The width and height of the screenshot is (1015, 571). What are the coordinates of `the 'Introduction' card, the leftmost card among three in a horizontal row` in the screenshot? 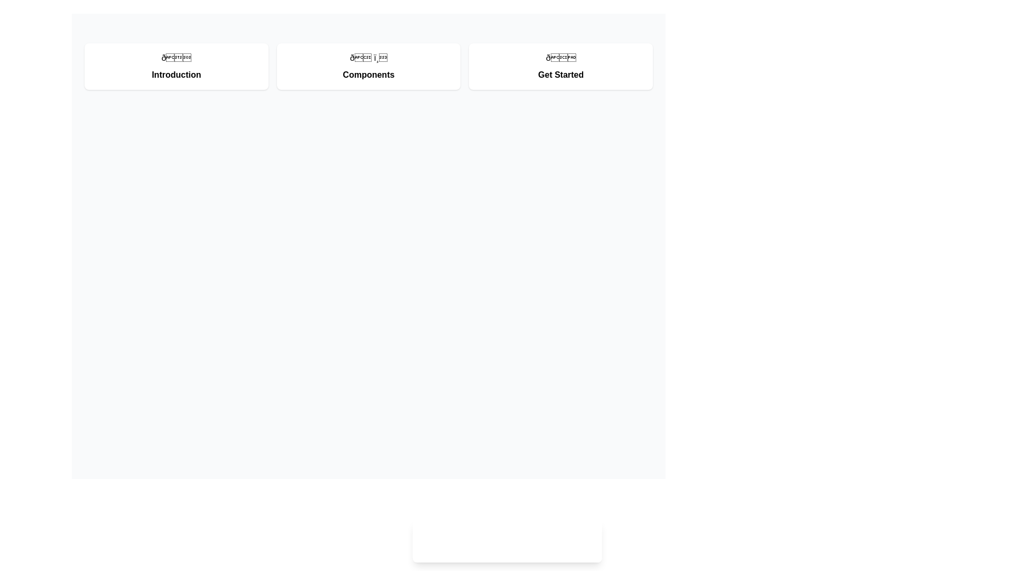 It's located at (176, 67).